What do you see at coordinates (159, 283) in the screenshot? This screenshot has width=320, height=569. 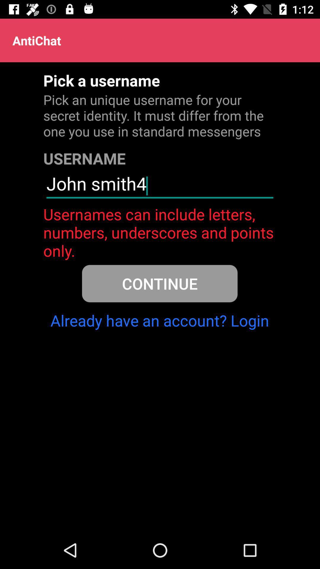 I see `the continue item` at bounding box center [159, 283].